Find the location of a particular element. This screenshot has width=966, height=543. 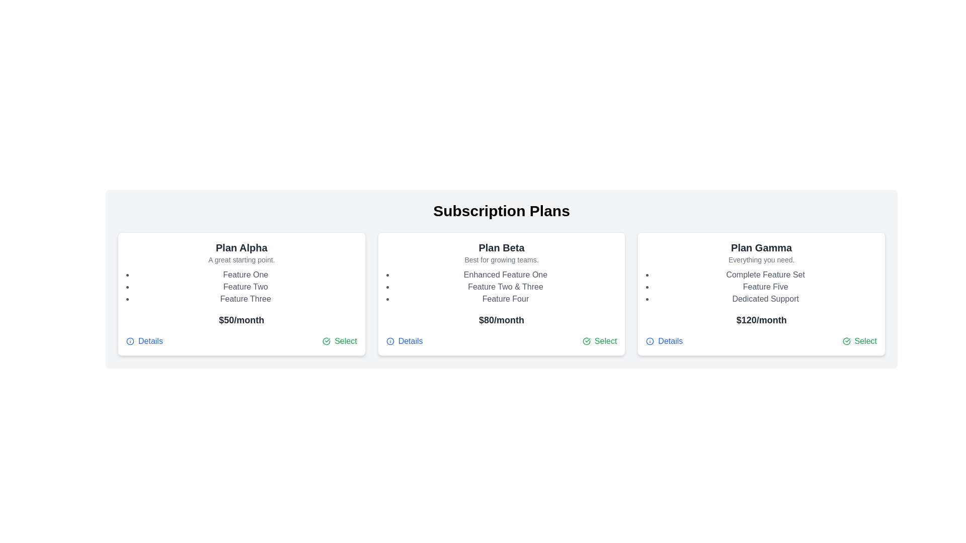

the third content block of the bulleted list in the card labeled 'Plan Beta' located below the subtitle 'Best for growing teams.' is located at coordinates (505, 287).